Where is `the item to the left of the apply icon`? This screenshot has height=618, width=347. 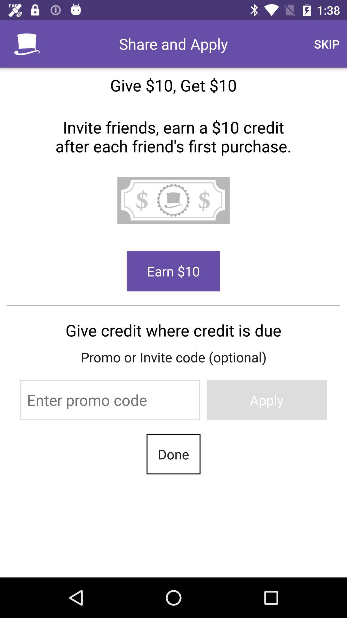
the item to the left of the apply icon is located at coordinates (110, 399).